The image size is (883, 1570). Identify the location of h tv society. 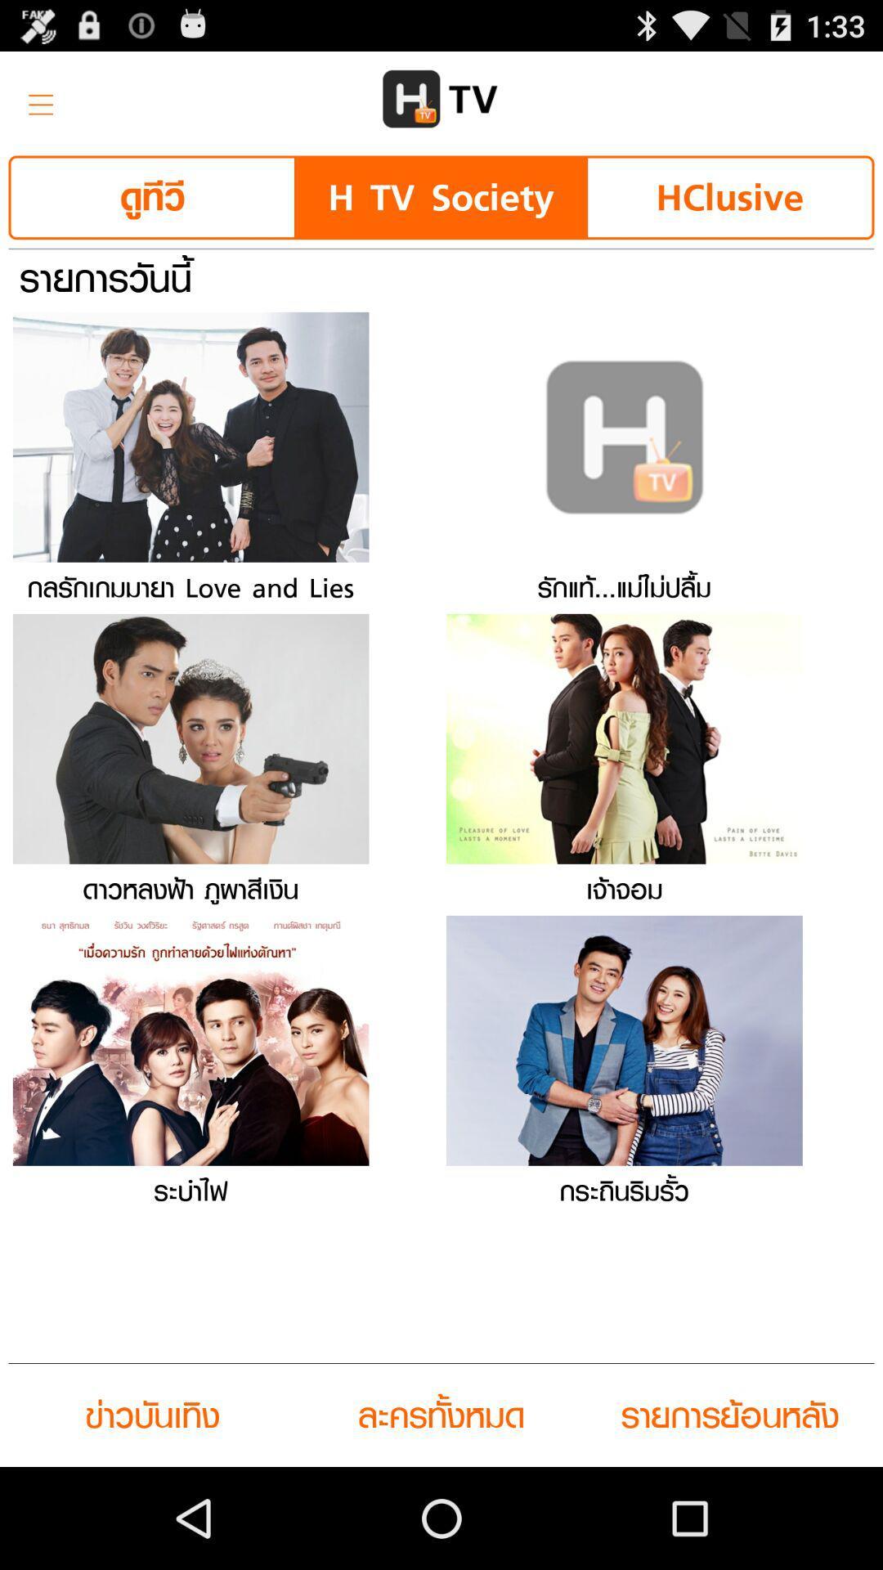
(440, 196).